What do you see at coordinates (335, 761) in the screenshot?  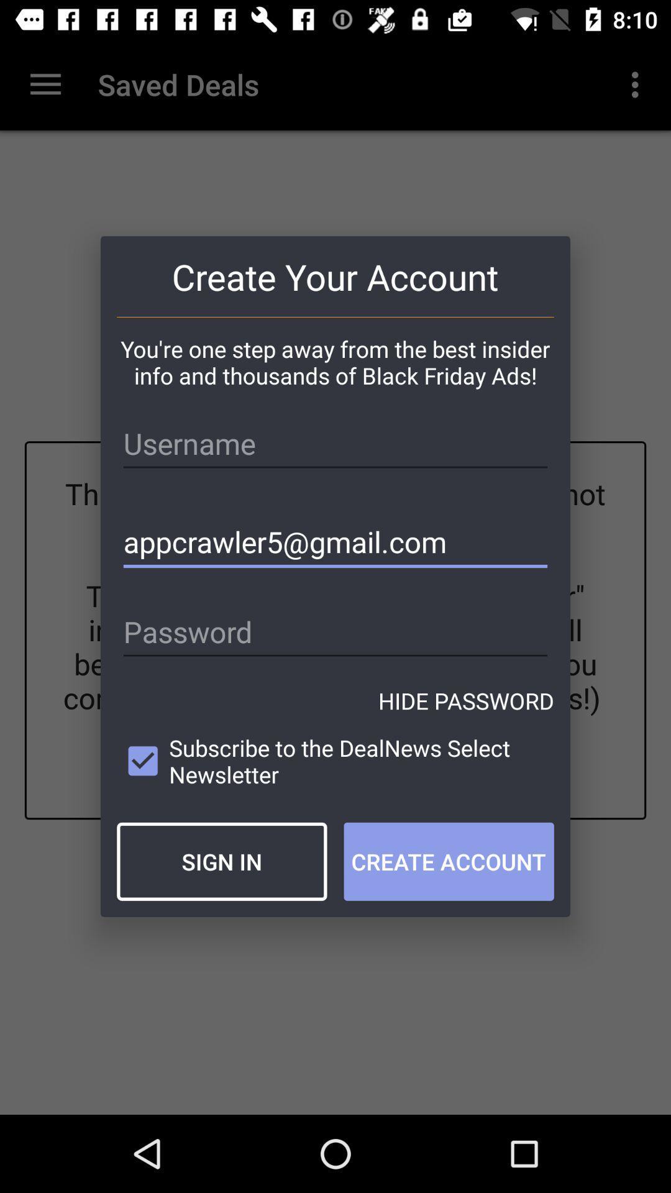 I see `subscribe to the item` at bounding box center [335, 761].